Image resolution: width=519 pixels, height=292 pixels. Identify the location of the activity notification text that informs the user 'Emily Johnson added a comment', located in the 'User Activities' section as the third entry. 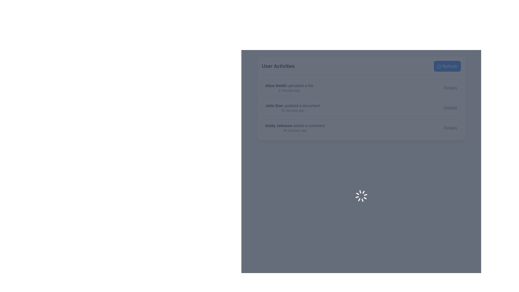
(295, 126).